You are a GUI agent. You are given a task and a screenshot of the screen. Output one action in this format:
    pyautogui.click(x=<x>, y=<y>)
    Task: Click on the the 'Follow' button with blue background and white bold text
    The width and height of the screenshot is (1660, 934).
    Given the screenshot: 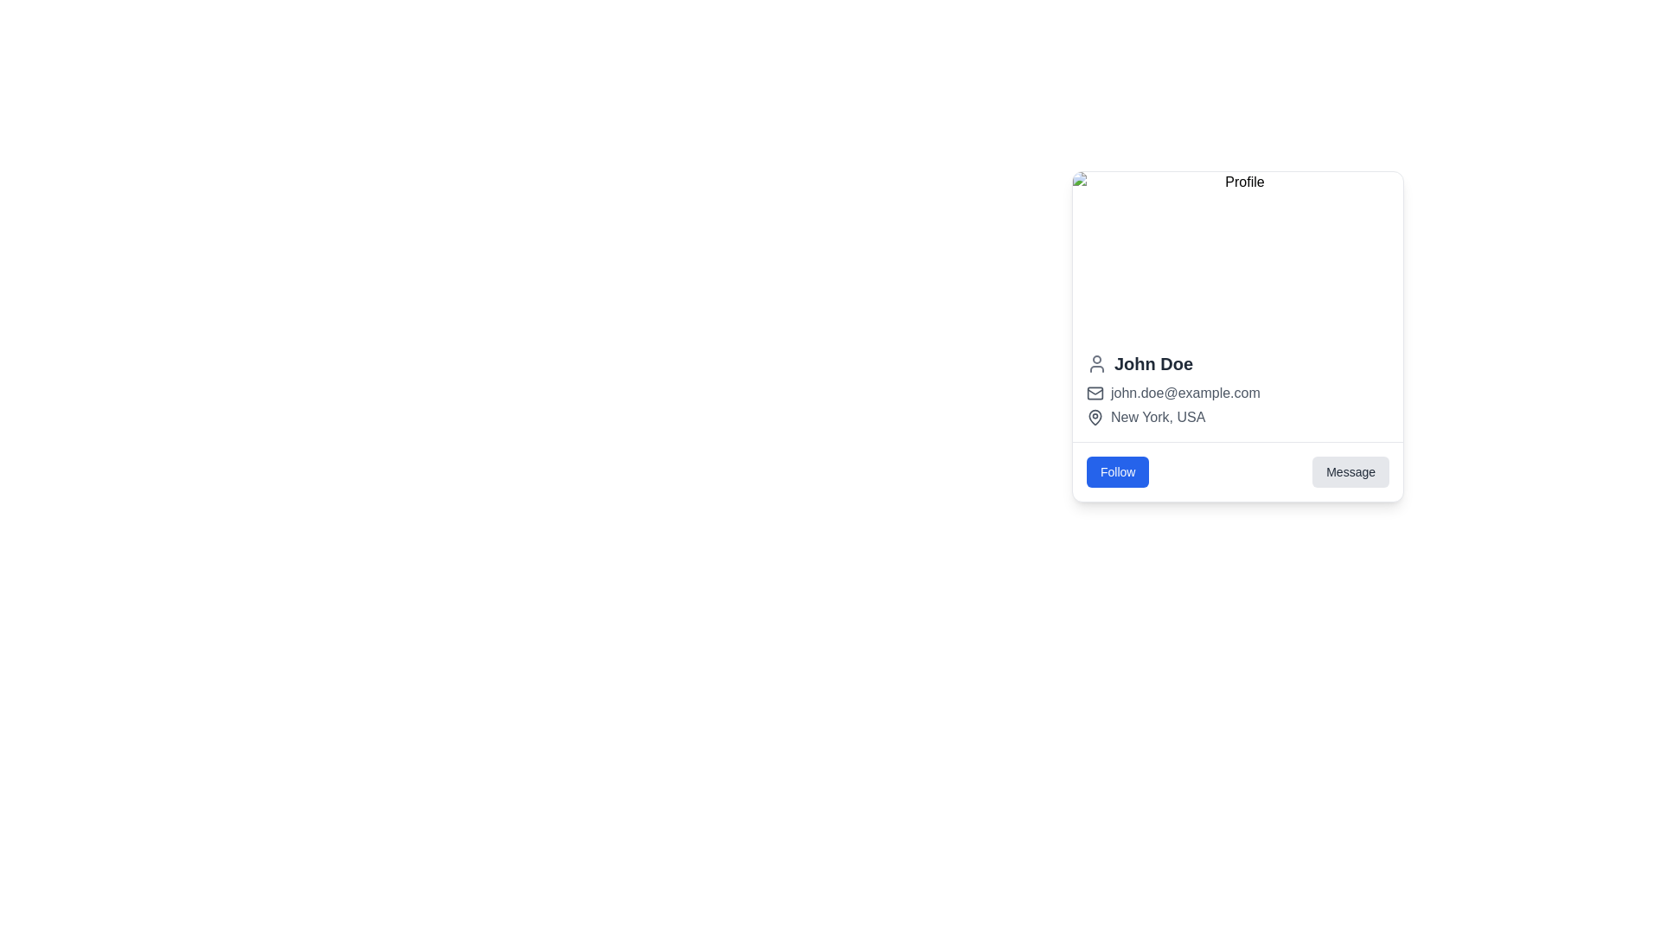 What is the action you would take?
    pyautogui.click(x=1118, y=472)
    